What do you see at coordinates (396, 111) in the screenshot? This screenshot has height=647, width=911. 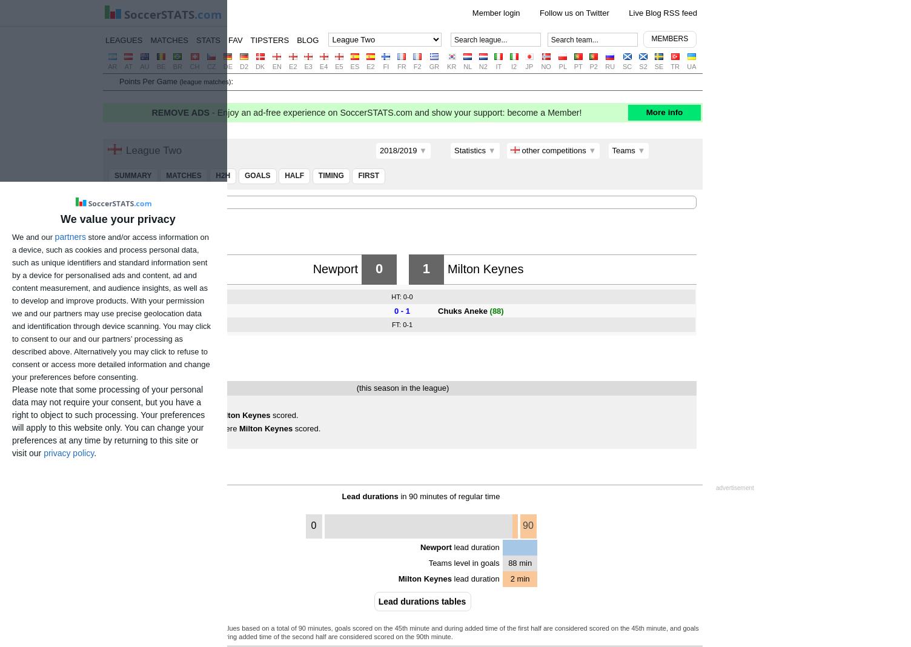 I see `'- Enjoy an ad-free experience on SoccerSTATS.com and show your support: become a Member!'` at bounding box center [396, 111].